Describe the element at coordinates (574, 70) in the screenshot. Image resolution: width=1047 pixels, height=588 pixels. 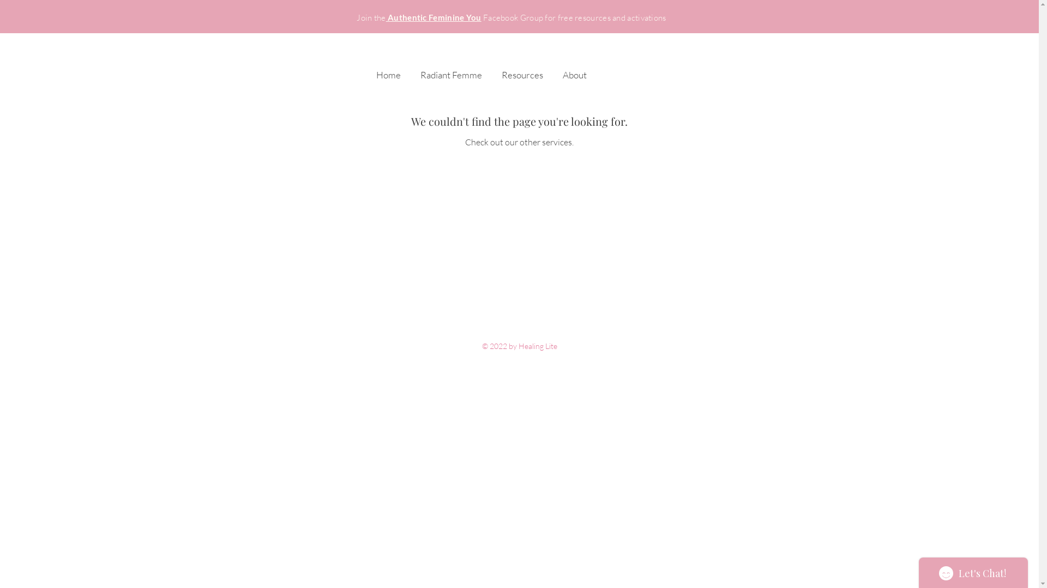
I see `'About'` at that location.